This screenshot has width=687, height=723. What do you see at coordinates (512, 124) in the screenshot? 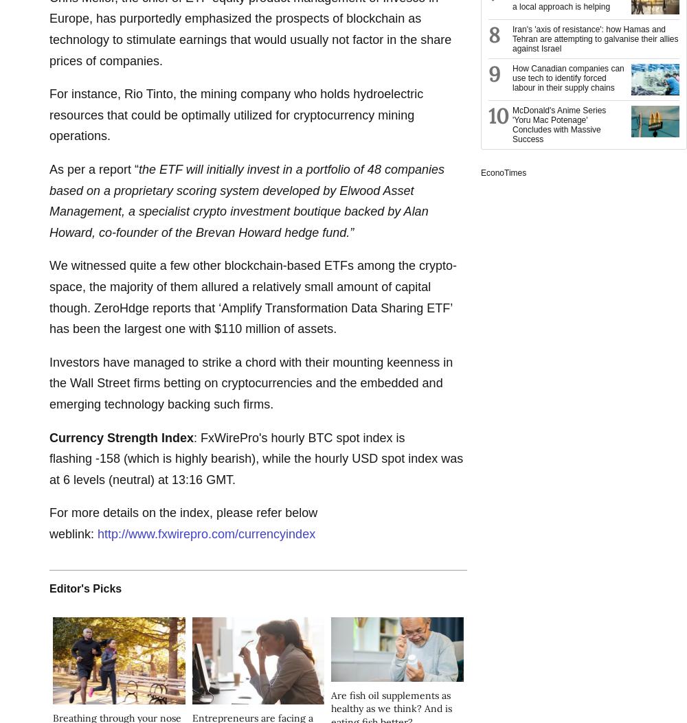
I see `'McDonald's Anime Series 'Yoru Mac Potenage' Concludes with Massive Success'` at bounding box center [512, 124].